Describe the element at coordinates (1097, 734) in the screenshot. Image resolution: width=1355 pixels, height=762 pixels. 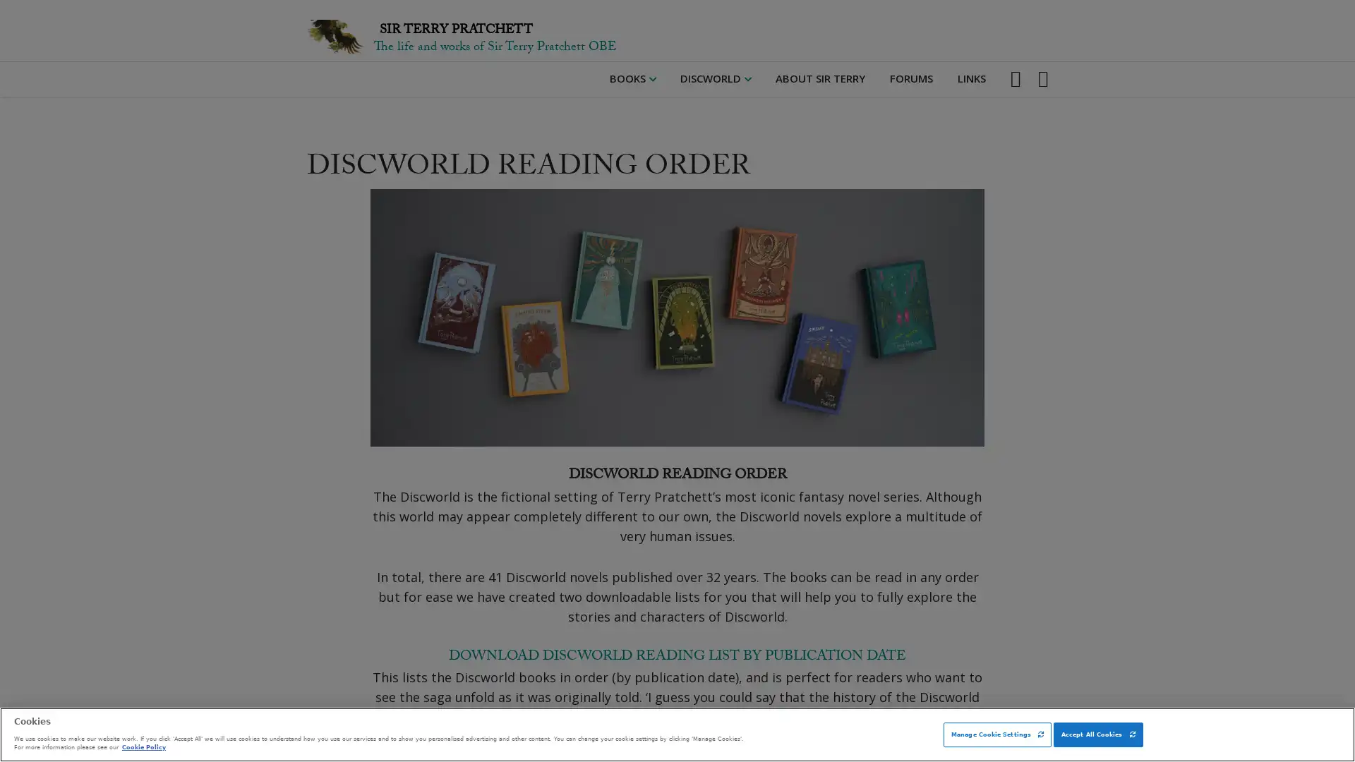
I see `Accept All Cookies` at that location.